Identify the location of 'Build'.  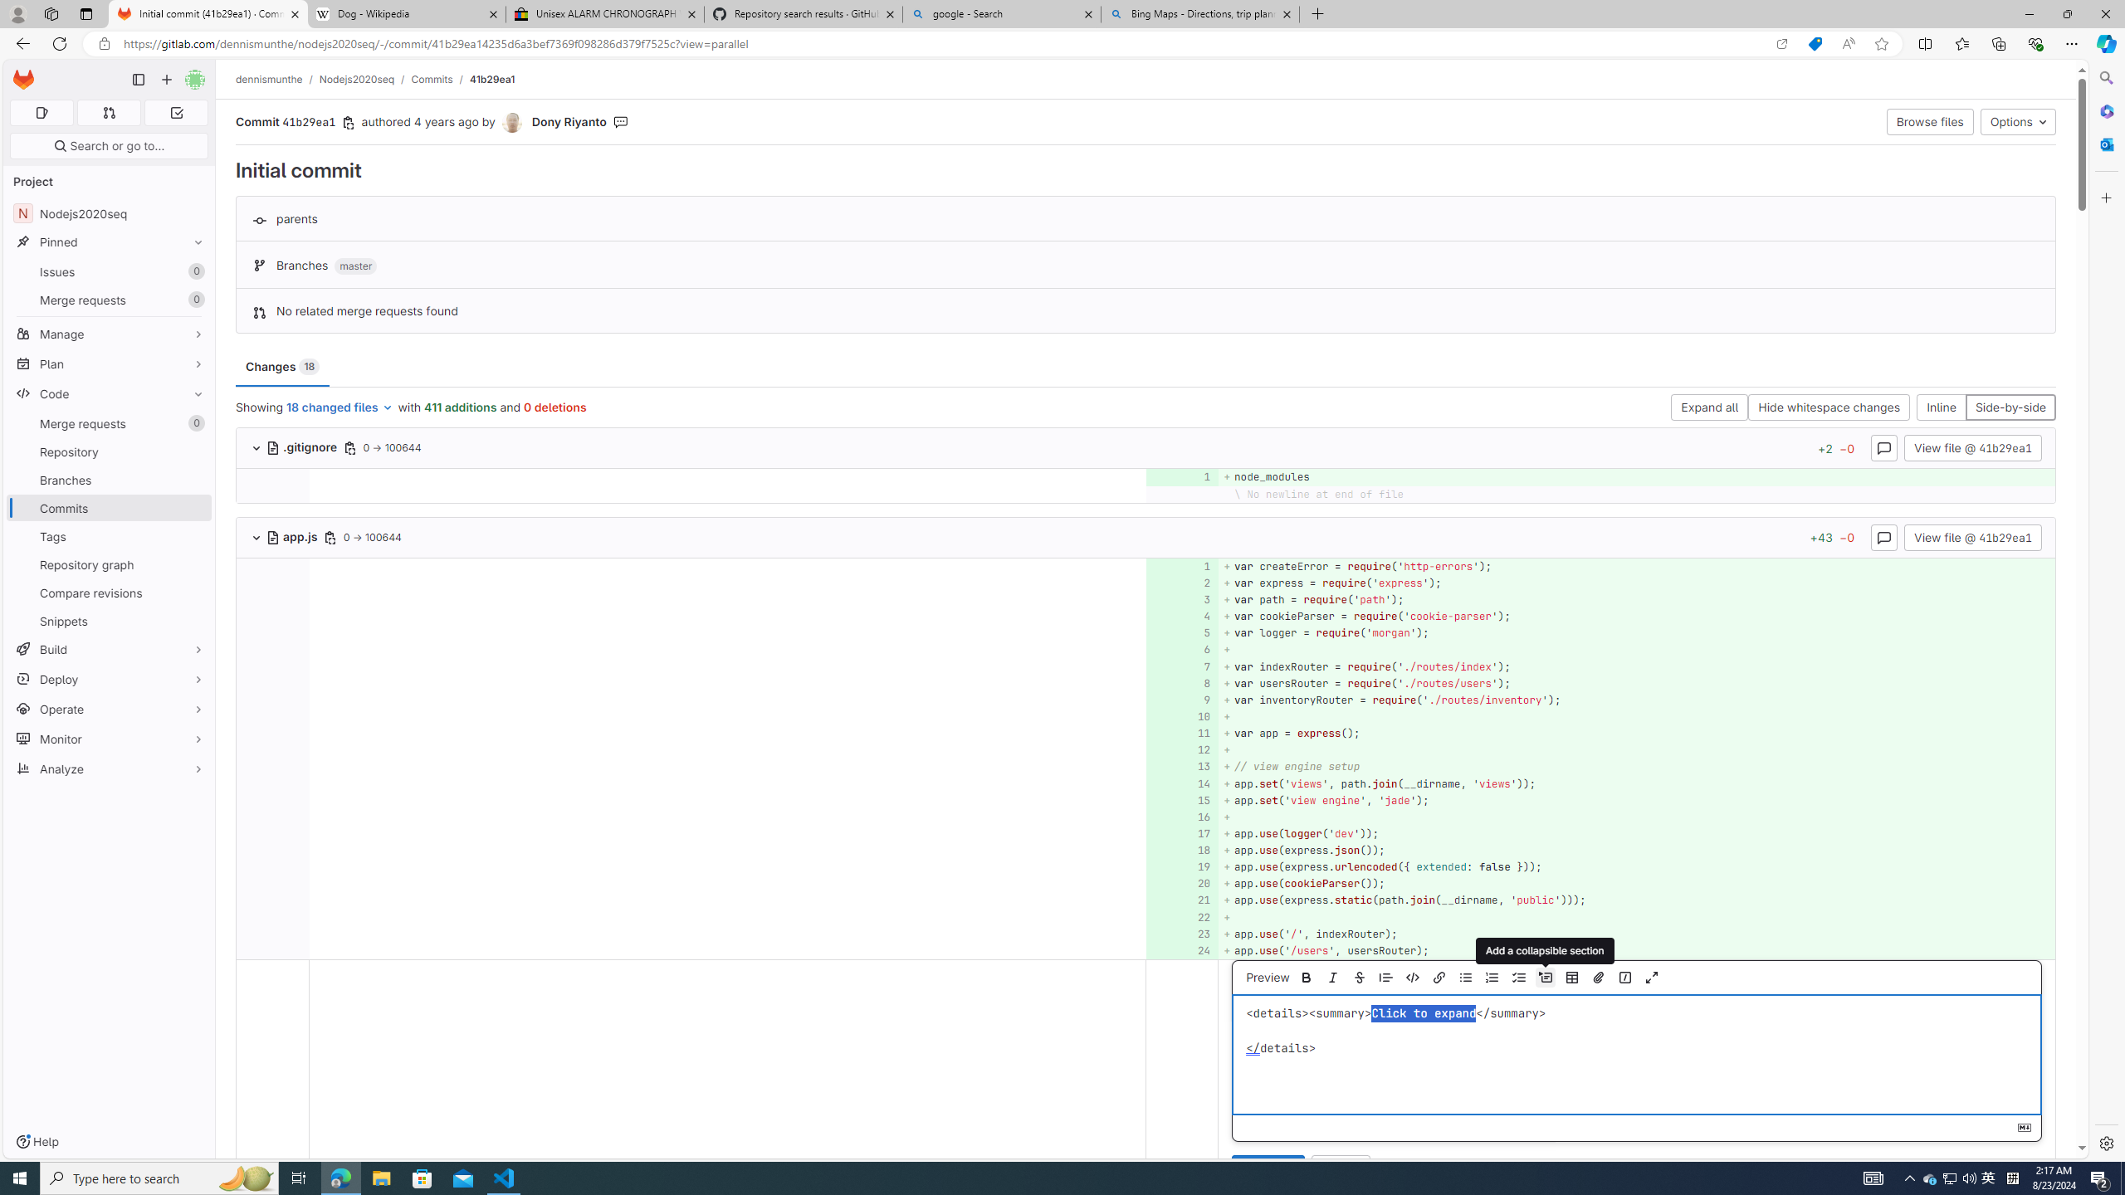
(108, 648).